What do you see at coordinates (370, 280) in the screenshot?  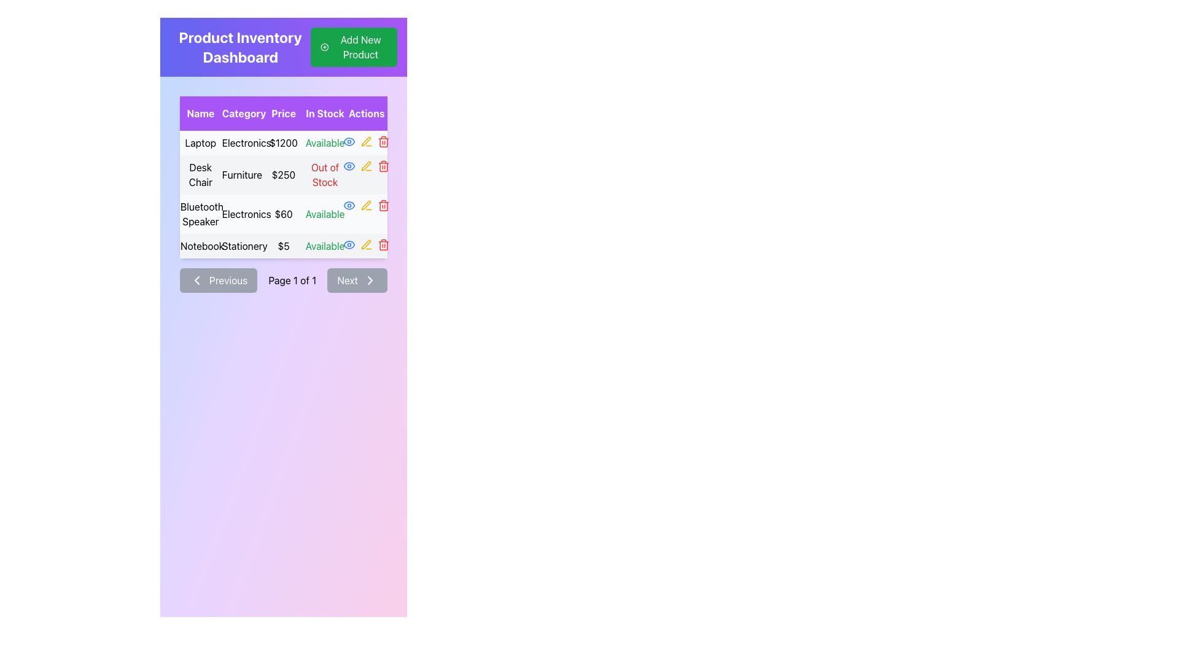 I see `the right-facing chevron arrow icon located on the right side of the 'Next' button` at bounding box center [370, 280].